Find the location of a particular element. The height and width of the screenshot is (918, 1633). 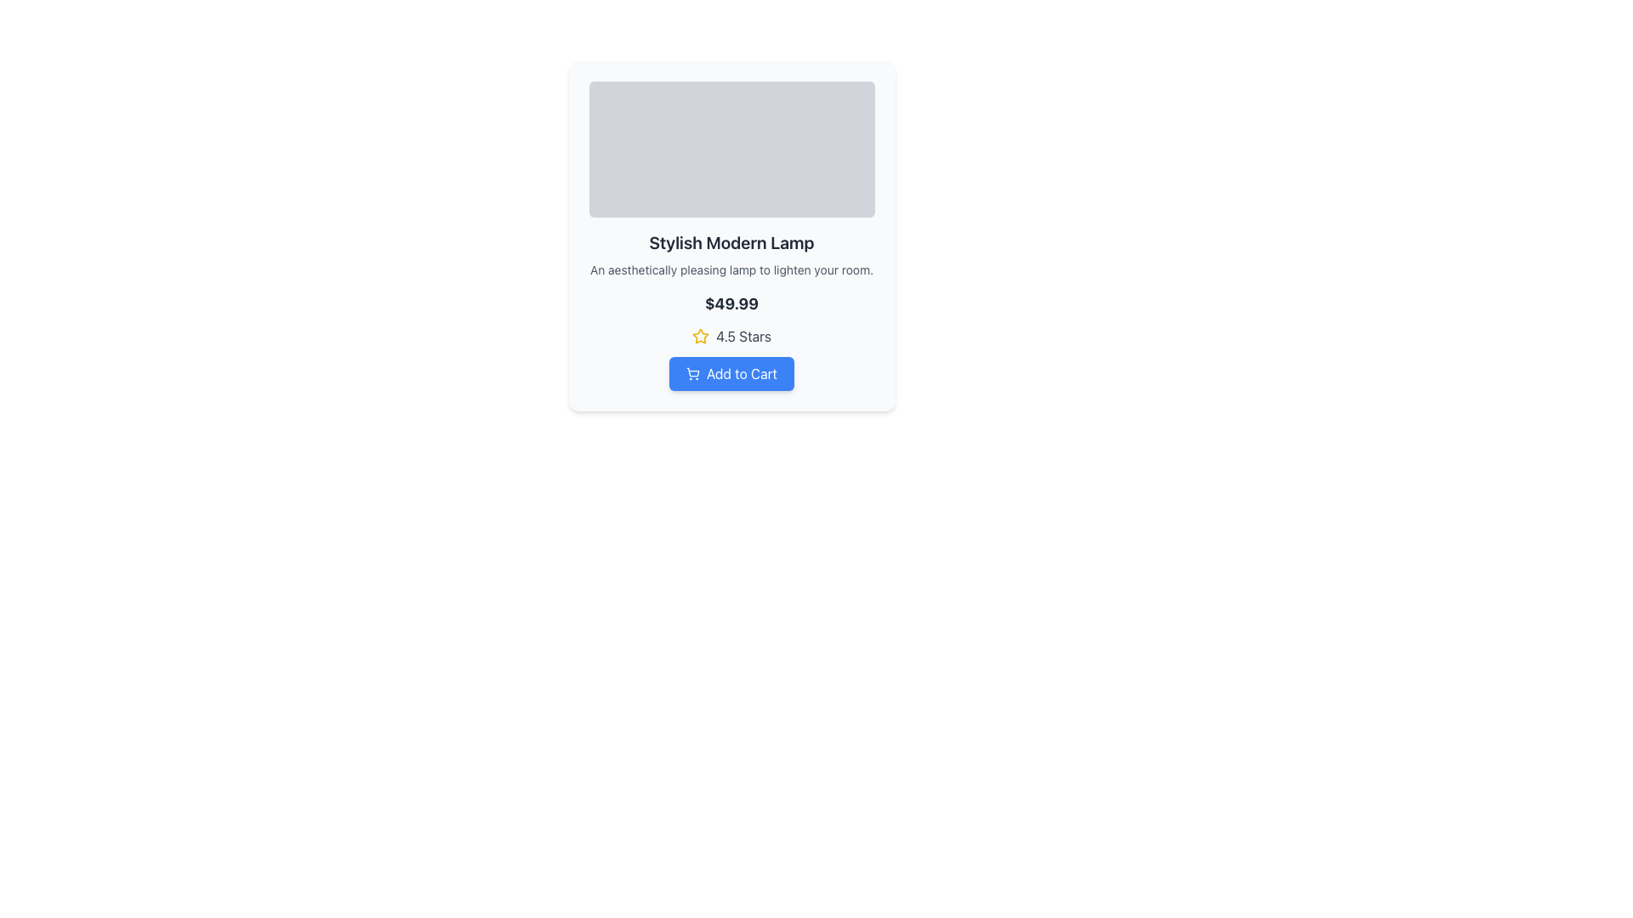

the Card Component featuring a light gray background, with an 'Add to Cart' button at the bottom, to trigger additional effects is located at coordinates (731, 235).